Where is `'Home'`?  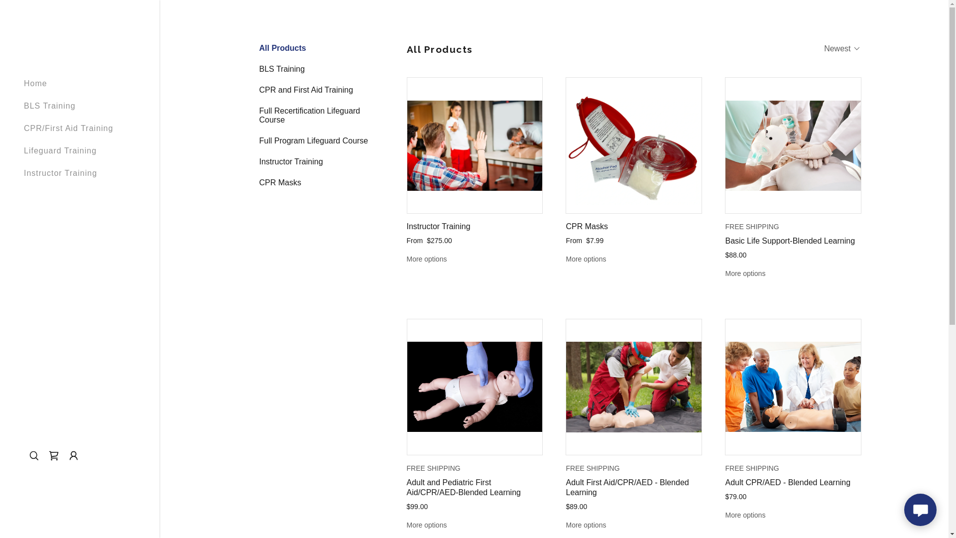 'Home' is located at coordinates (35, 83).